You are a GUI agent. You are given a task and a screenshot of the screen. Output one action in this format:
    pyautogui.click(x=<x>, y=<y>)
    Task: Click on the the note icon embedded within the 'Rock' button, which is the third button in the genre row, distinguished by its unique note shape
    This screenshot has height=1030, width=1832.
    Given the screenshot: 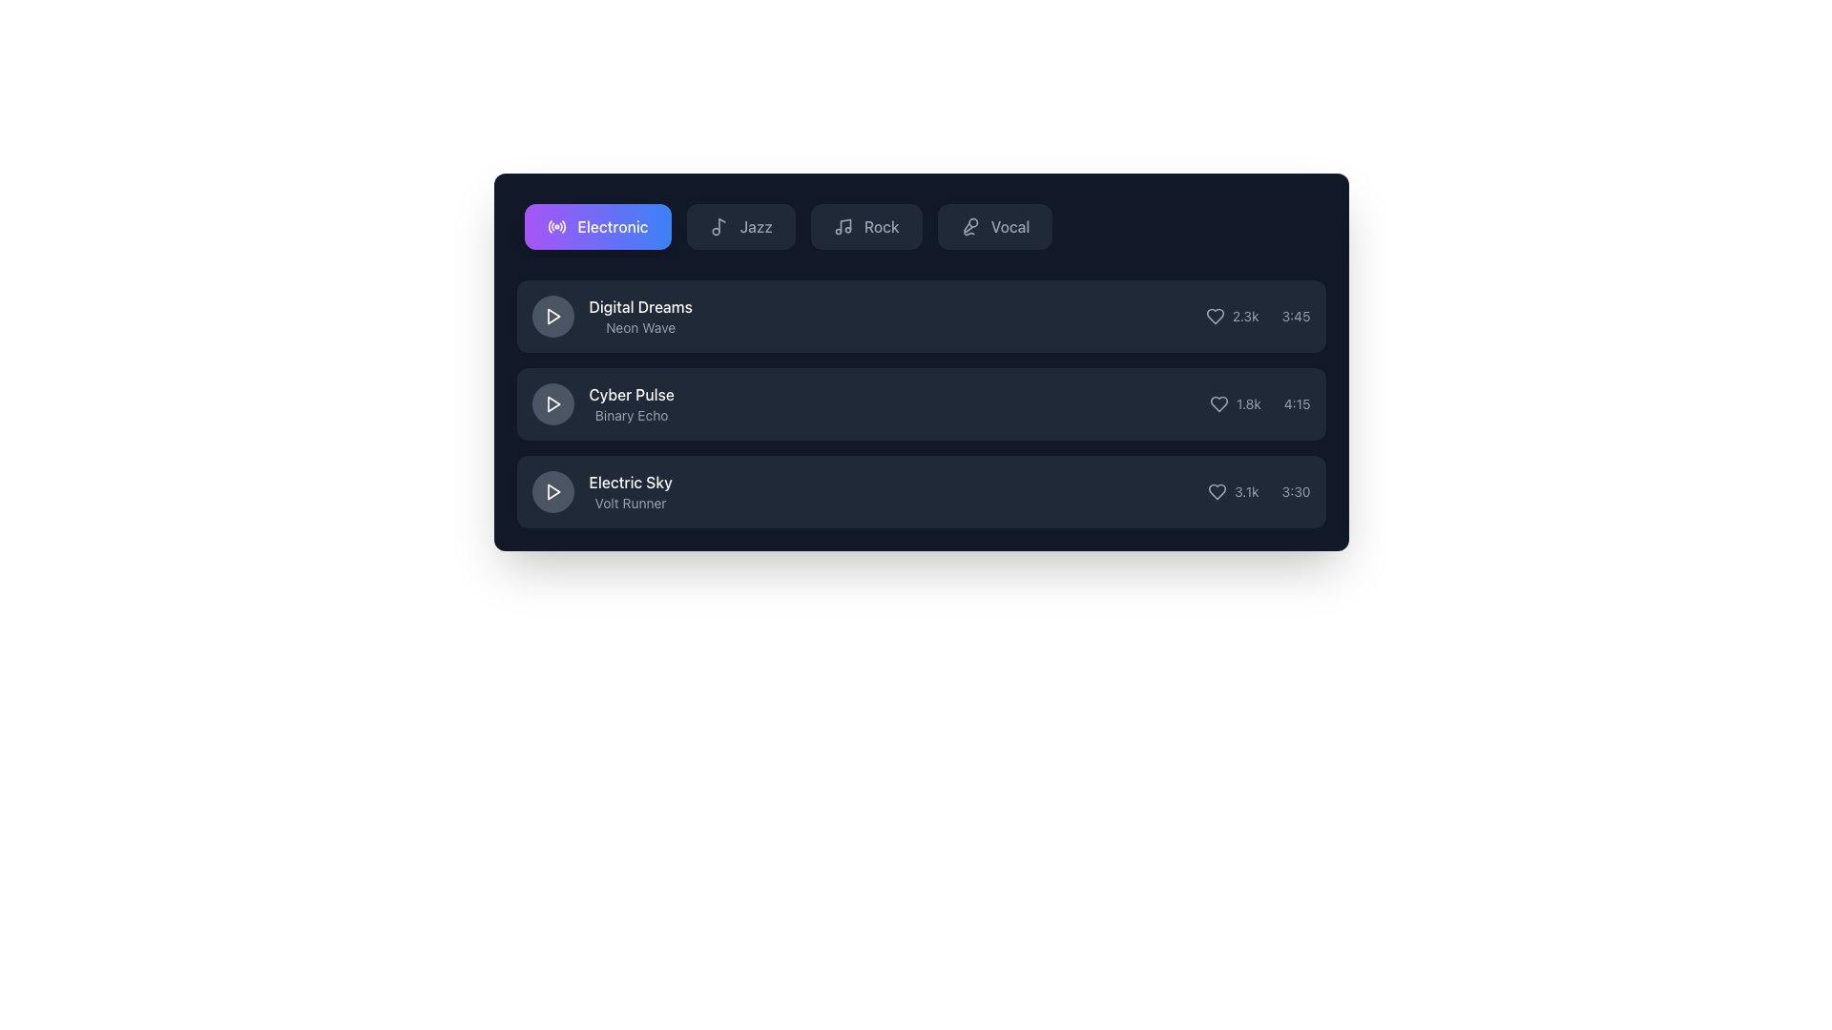 What is the action you would take?
    pyautogui.click(x=844, y=224)
    